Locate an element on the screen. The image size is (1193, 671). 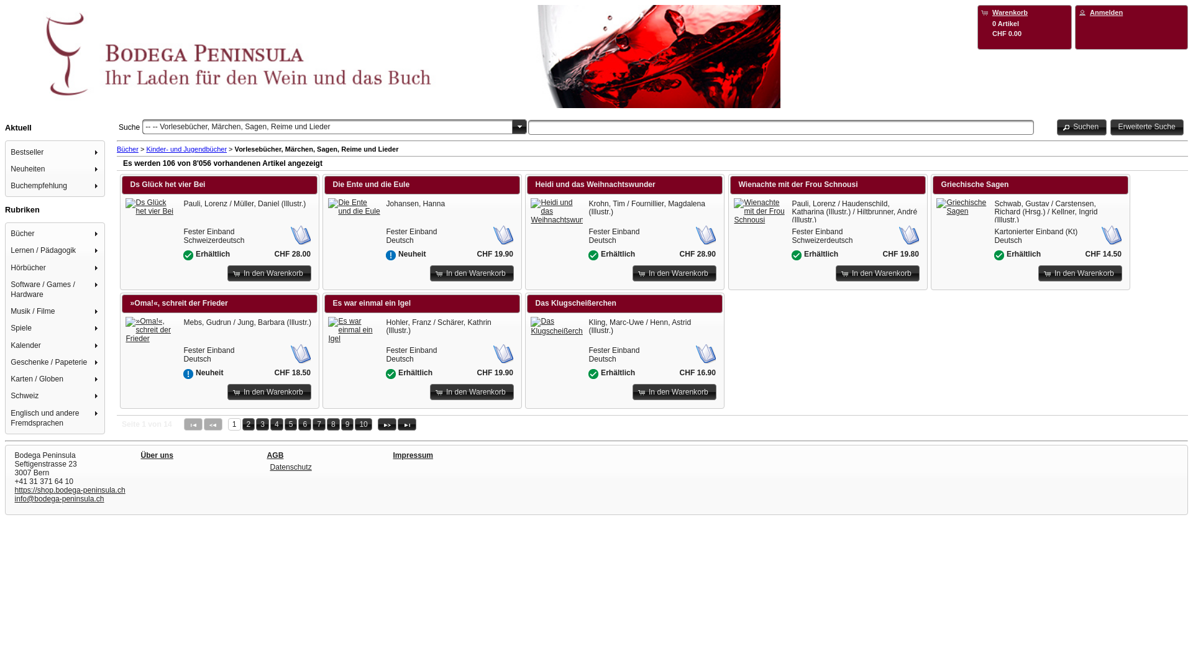
'Warenkorb is located at coordinates (1025, 22).